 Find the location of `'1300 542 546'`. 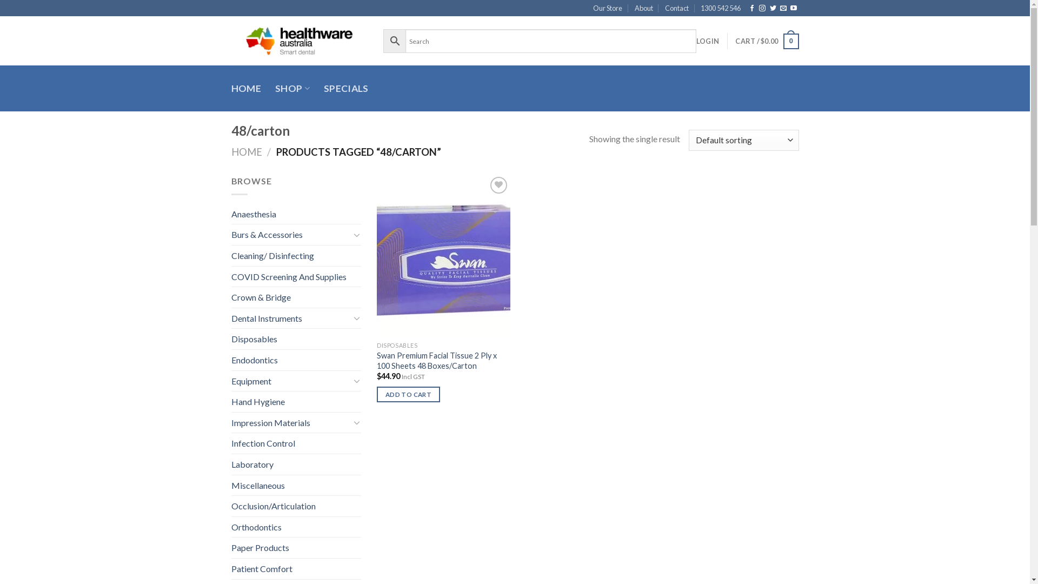

'1300 542 546' is located at coordinates (721, 8).